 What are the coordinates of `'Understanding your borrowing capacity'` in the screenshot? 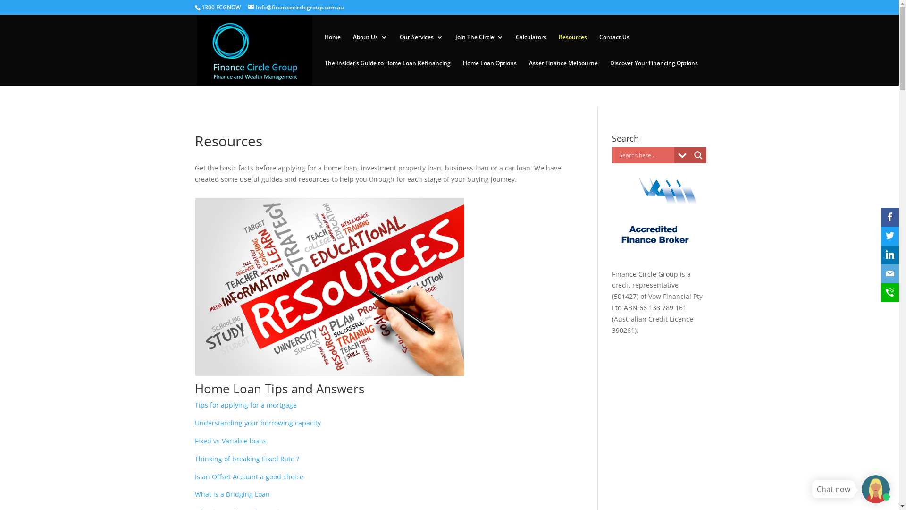 It's located at (257, 422).